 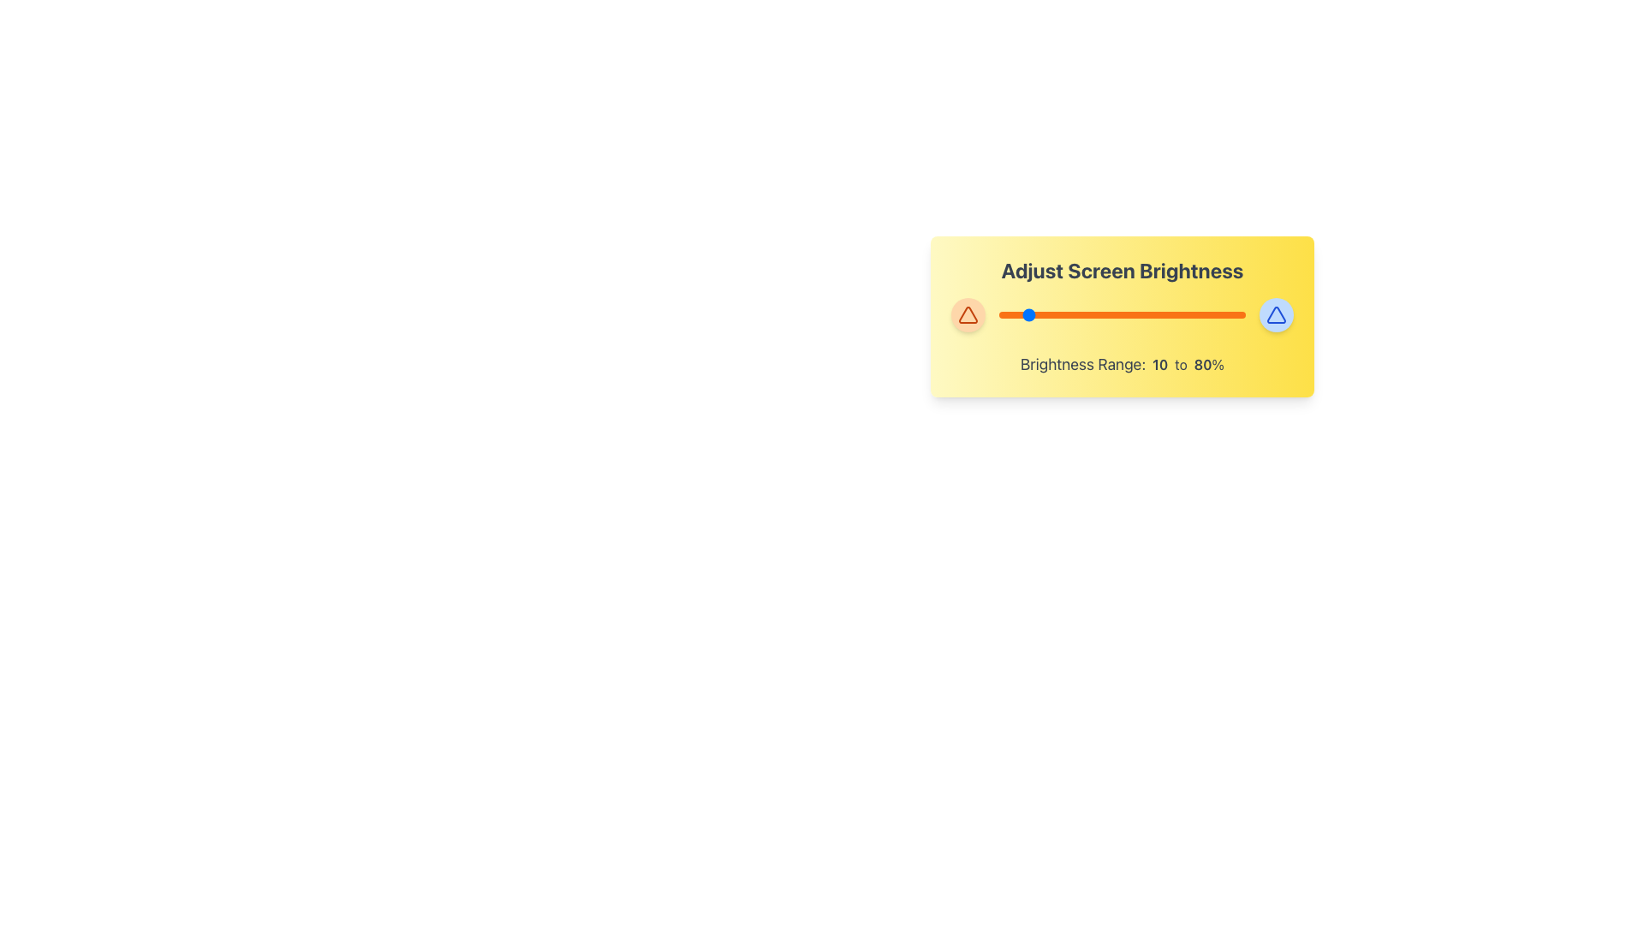 What do you see at coordinates (1160, 363) in the screenshot?
I see `the text displaying the number '10', which is styled in bold and is part of the brightness range indication, positioned between 'Brightness Range:' and 'to'` at bounding box center [1160, 363].